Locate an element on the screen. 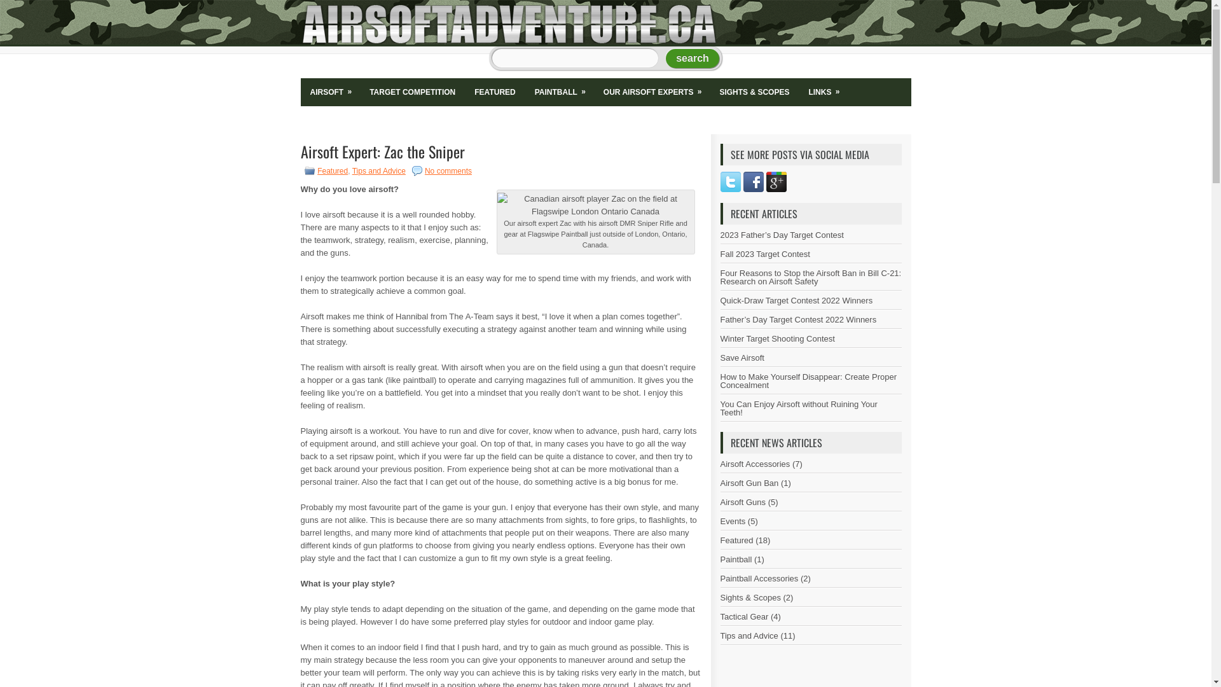 Image resolution: width=1221 pixels, height=687 pixels. 'TARGET COMPETITION' is located at coordinates (412, 92).